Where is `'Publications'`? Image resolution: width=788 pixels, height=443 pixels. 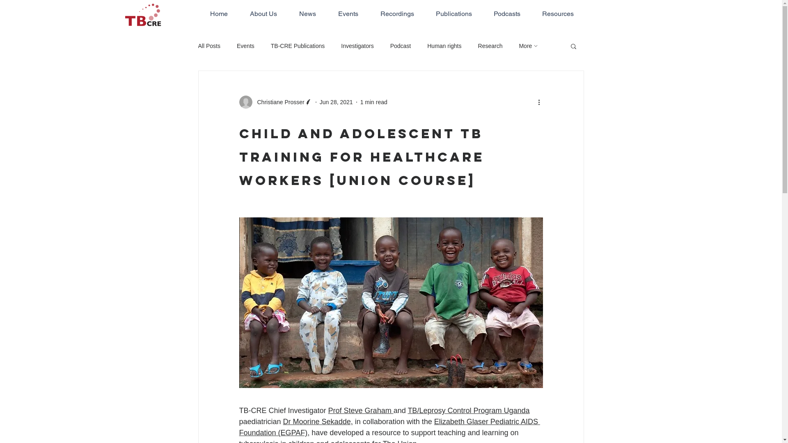
'Publications' is located at coordinates (453, 14).